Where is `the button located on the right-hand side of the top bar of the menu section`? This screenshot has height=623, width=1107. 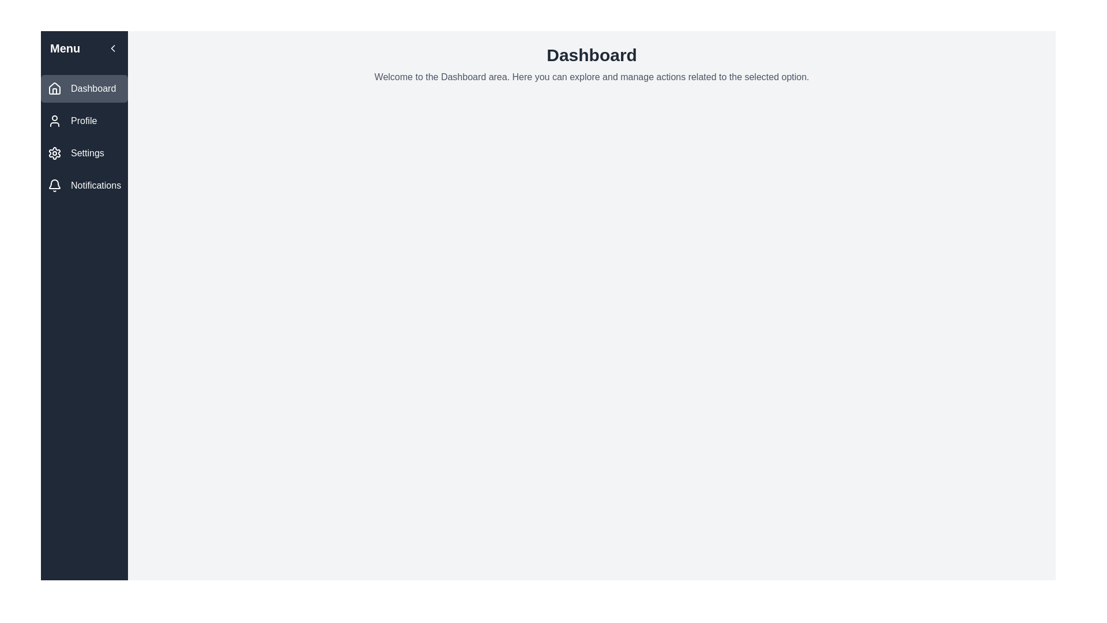 the button located on the right-hand side of the top bar of the menu section is located at coordinates (113, 48).